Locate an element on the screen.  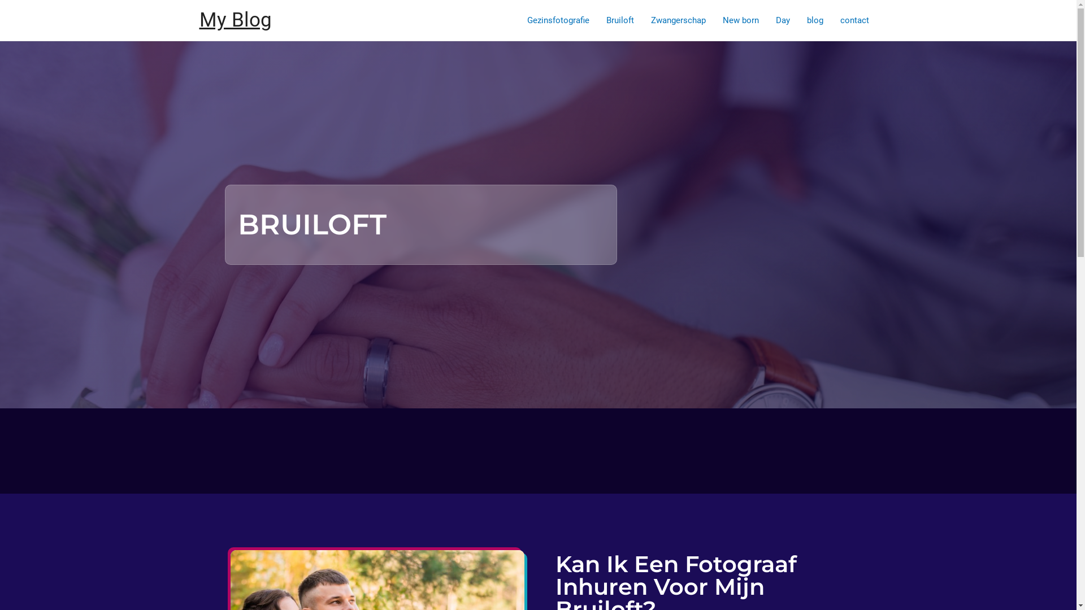
'blog' is located at coordinates (814, 20).